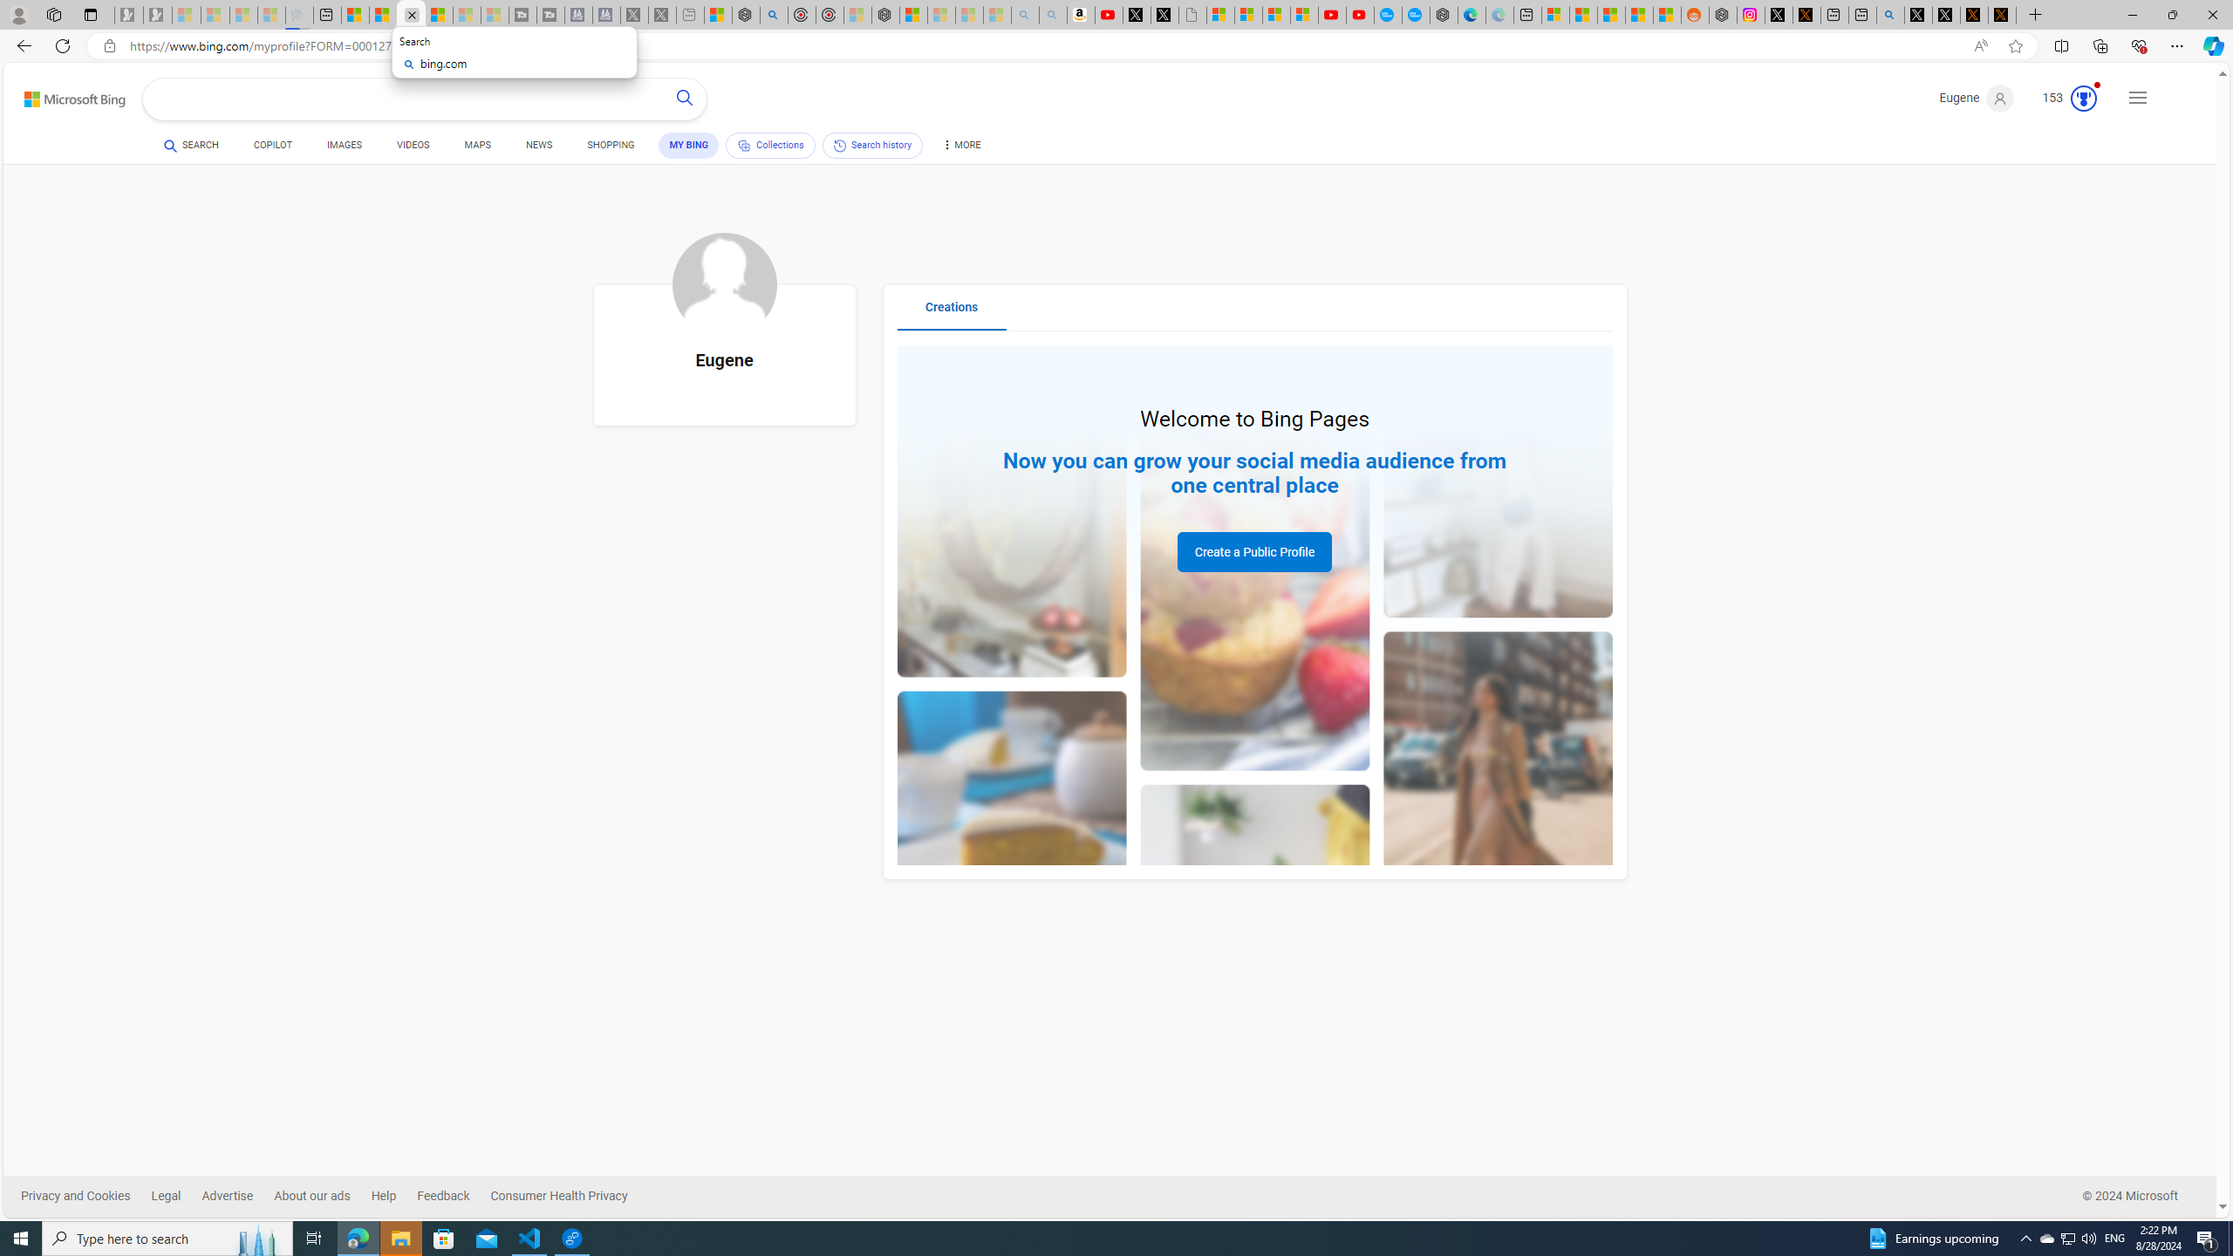 The height and width of the screenshot is (1256, 2233). I want to click on 'Search button', so click(684, 99).